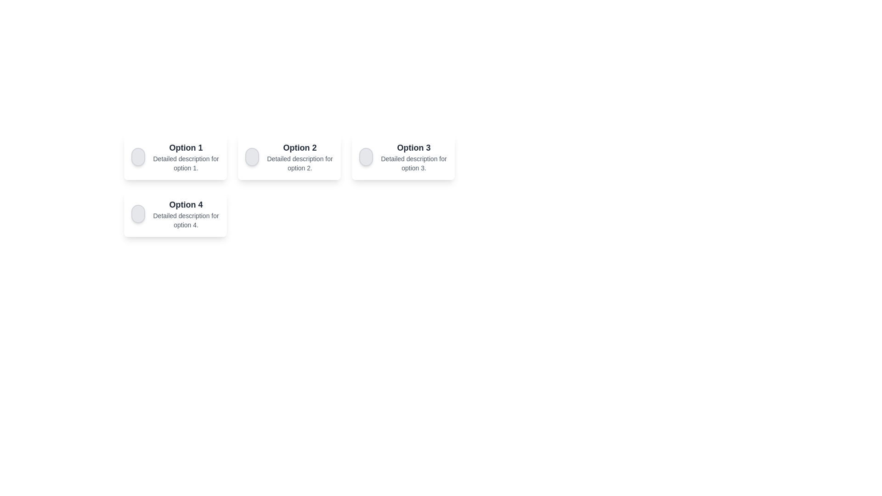 The height and width of the screenshot is (496, 882). What do you see at coordinates (403, 157) in the screenshot?
I see `the text block element titled 'Option 3', which contains a detailed description styled within a white rectangular background` at bounding box center [403, 157].